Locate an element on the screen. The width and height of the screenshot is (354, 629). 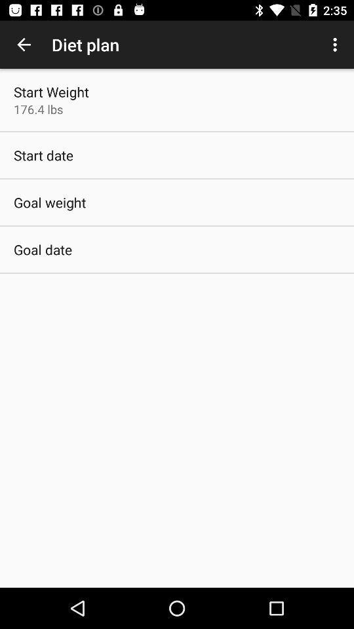
icon on the left is located at coordinates (43, 249).